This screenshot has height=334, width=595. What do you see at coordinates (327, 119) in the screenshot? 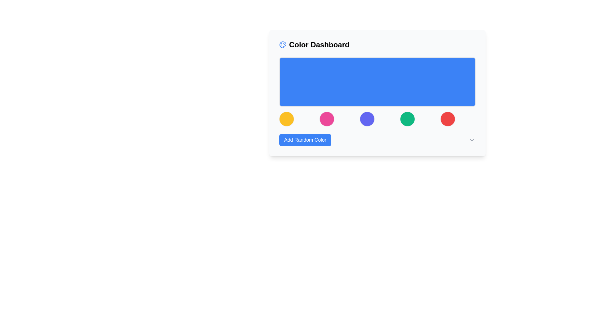
I see `the circular button with a vibrant pink background, which is the second from the left in a row of five circles located below a large blue rectangle` at bounding box center [327, 119].